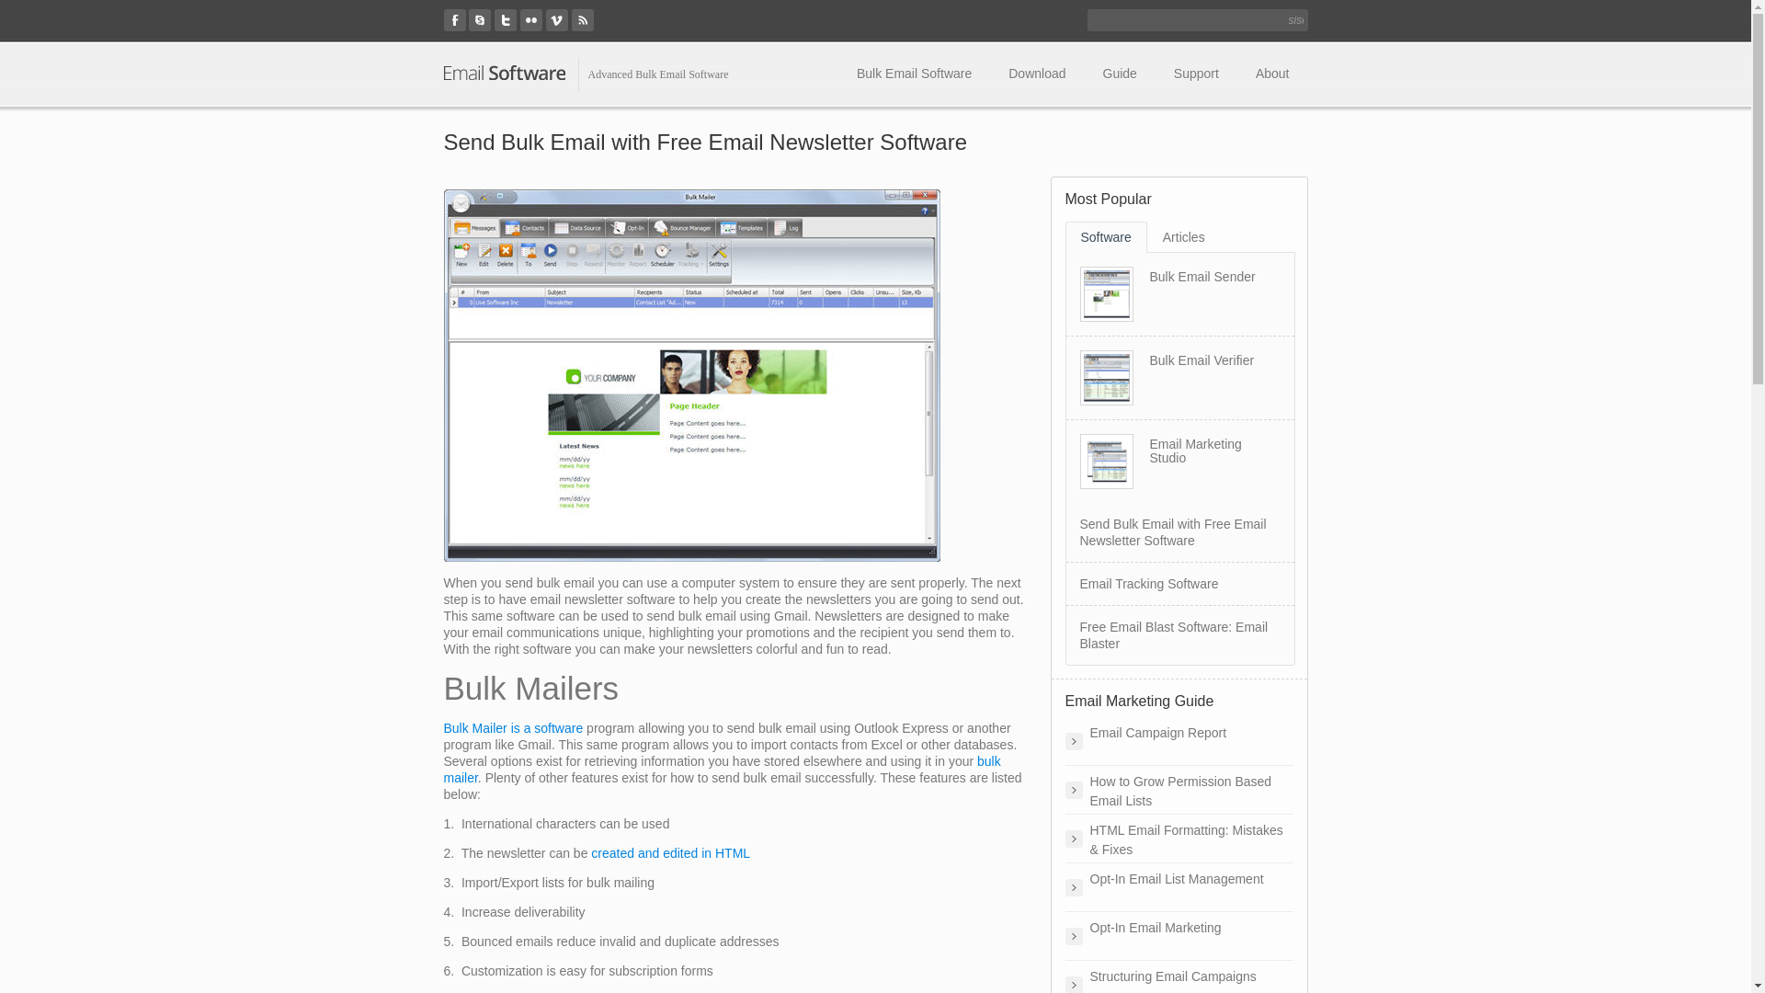 Image resolution: width=1765 pixels, height=993 pixels. What do you see at coordinates (454, 20) in the screenshot?
I see `'Facebook'` at bounding box center [454, 20].